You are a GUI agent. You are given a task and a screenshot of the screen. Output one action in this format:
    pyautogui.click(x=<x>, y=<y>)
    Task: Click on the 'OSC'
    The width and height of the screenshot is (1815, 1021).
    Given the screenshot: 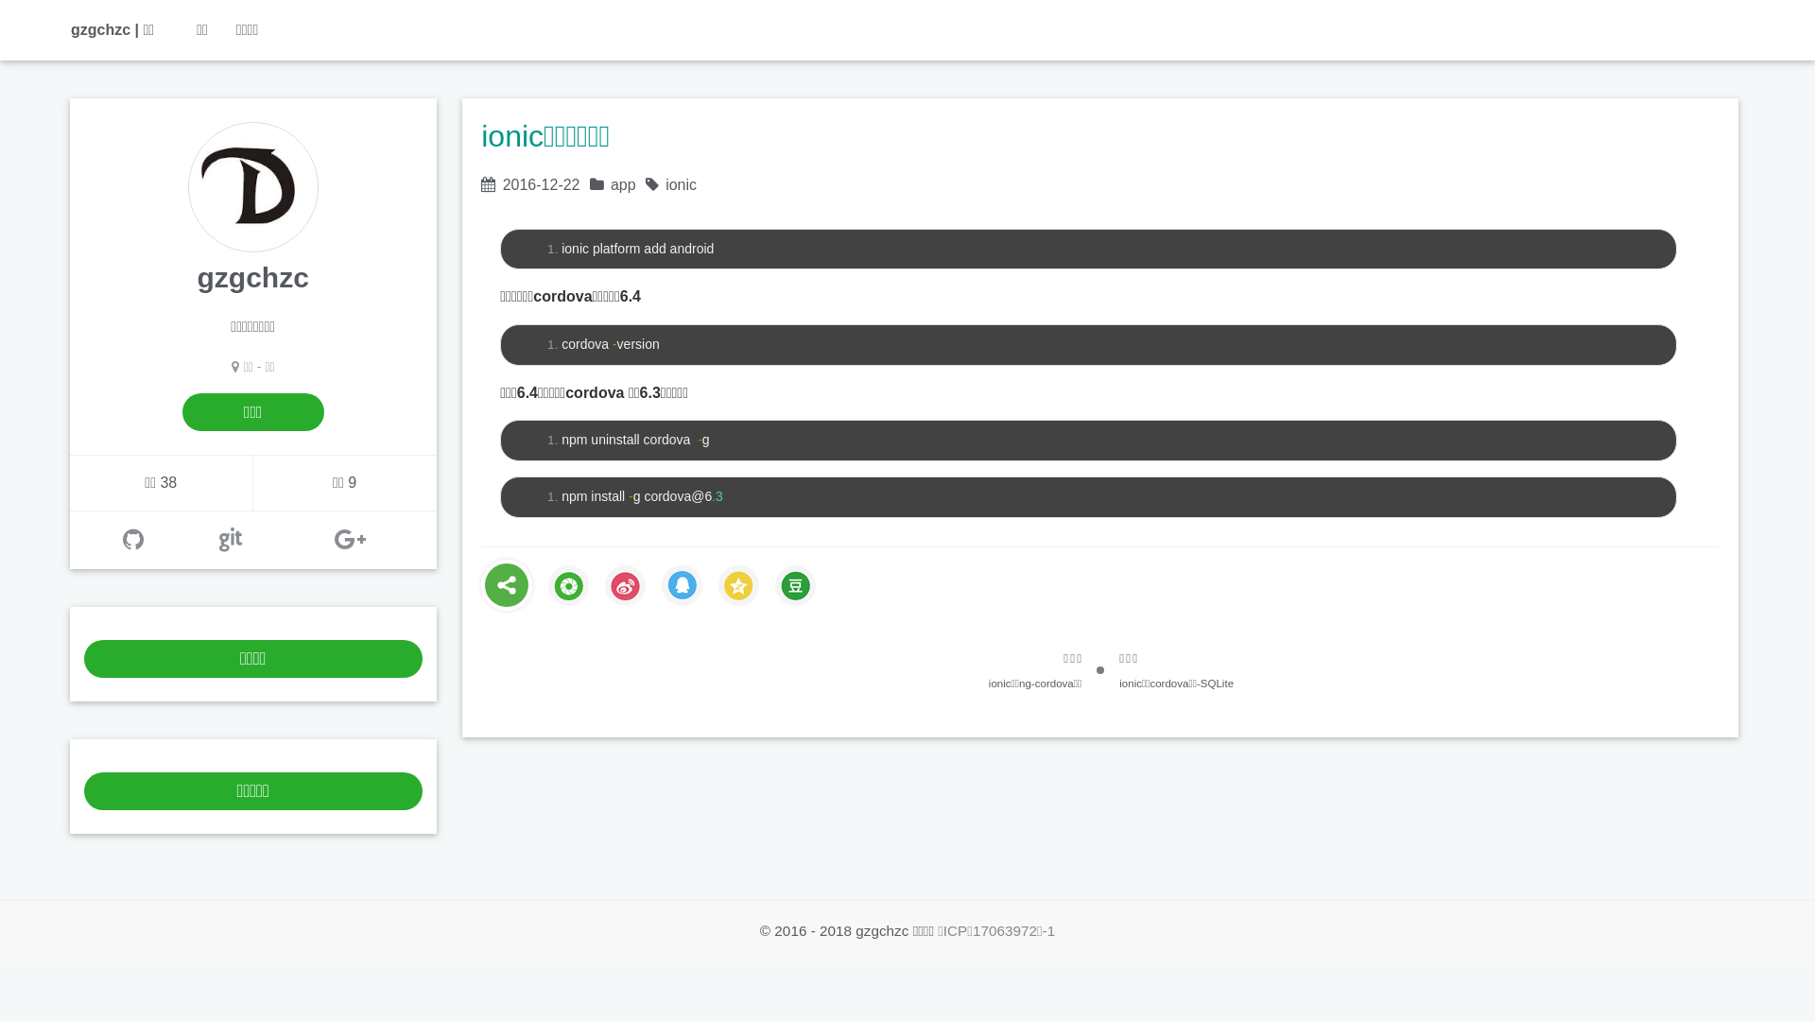 What is the action you would take?
    pyautogui.click(x=217, y=539)
    